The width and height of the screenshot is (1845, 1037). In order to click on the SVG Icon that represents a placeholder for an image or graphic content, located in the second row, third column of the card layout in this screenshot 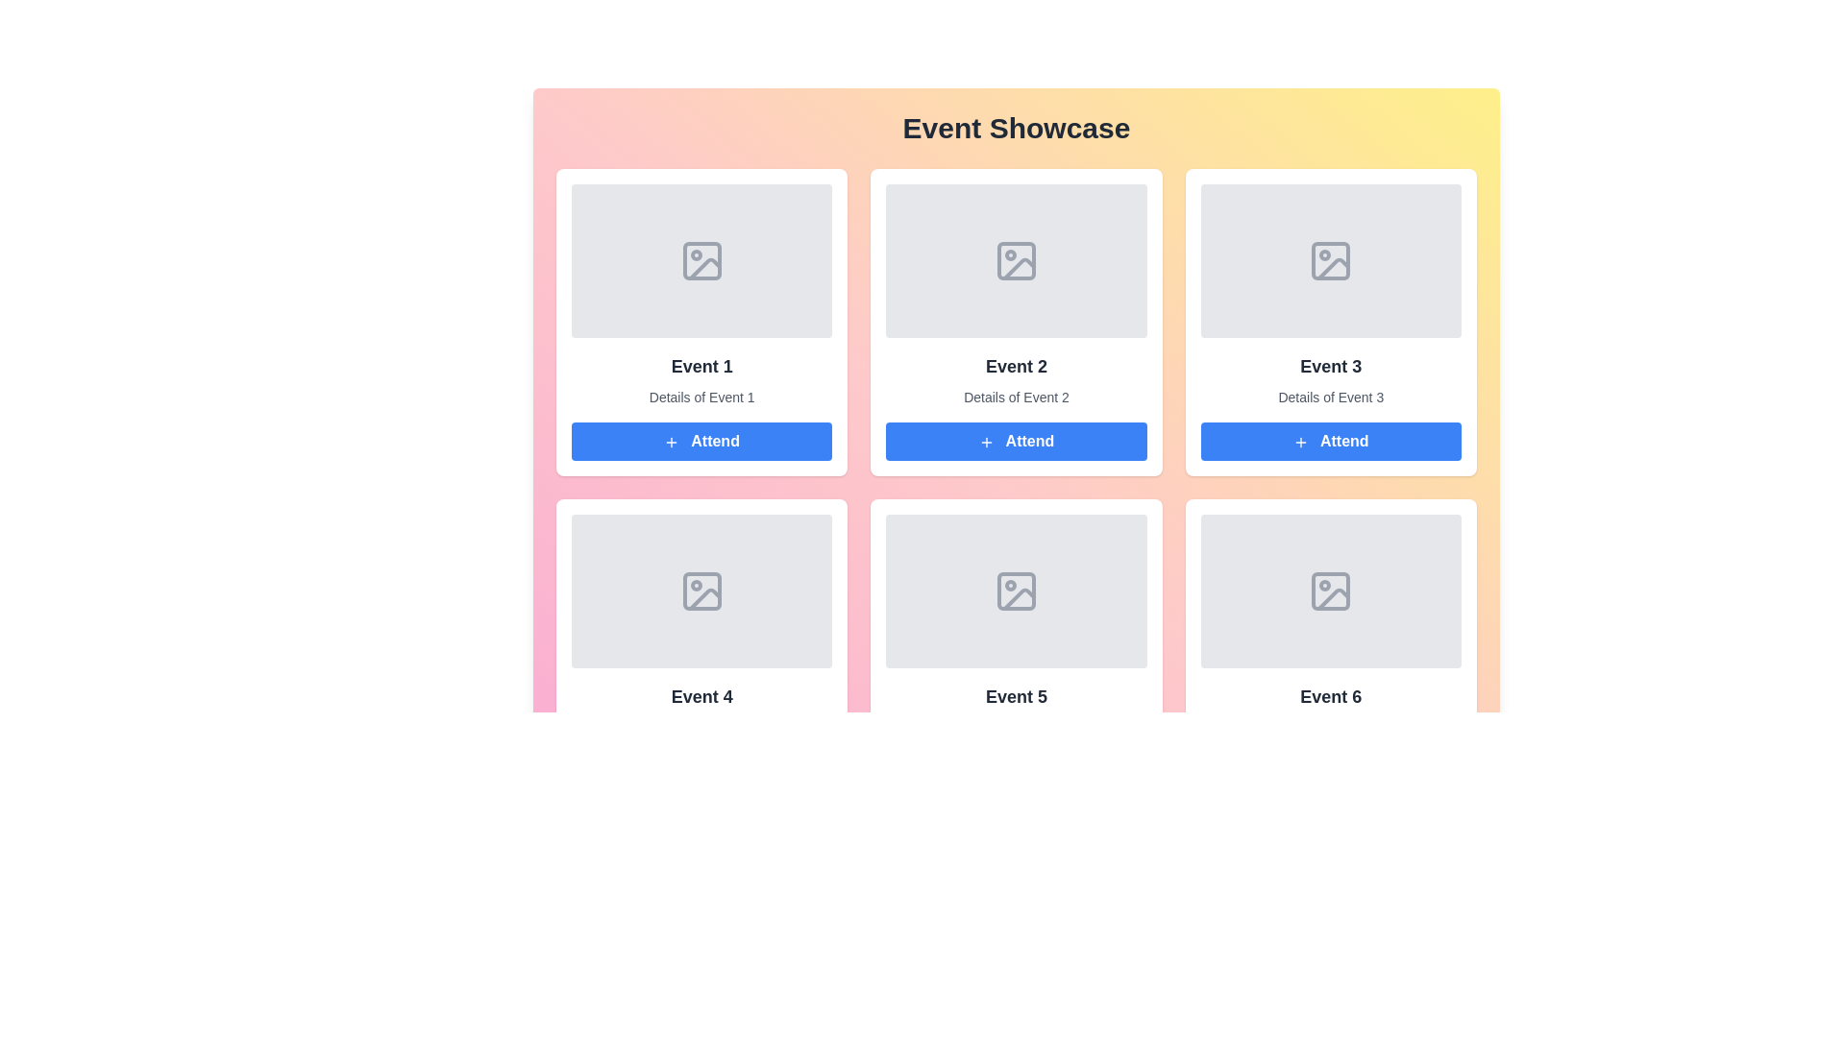, I will do `click(1015, 591)`.